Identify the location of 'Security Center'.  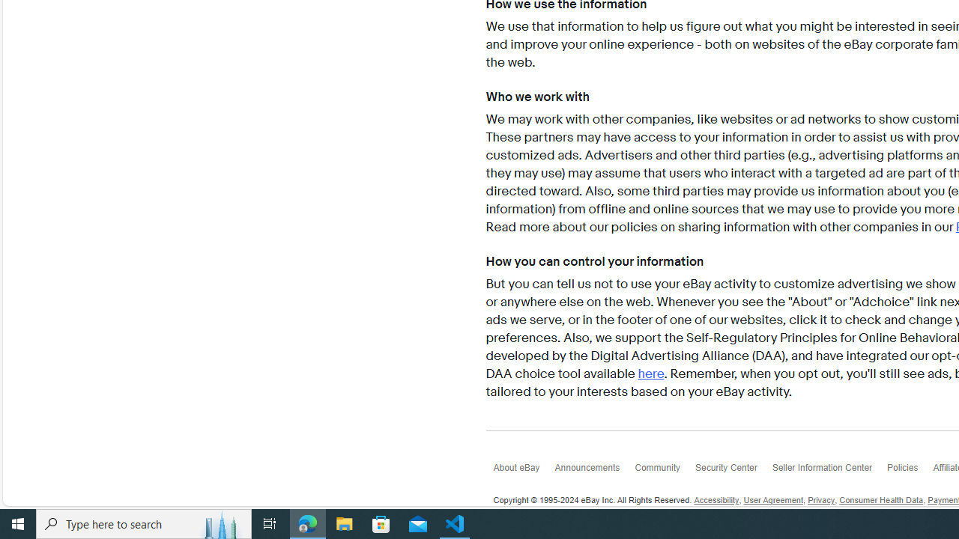
(733, 470).